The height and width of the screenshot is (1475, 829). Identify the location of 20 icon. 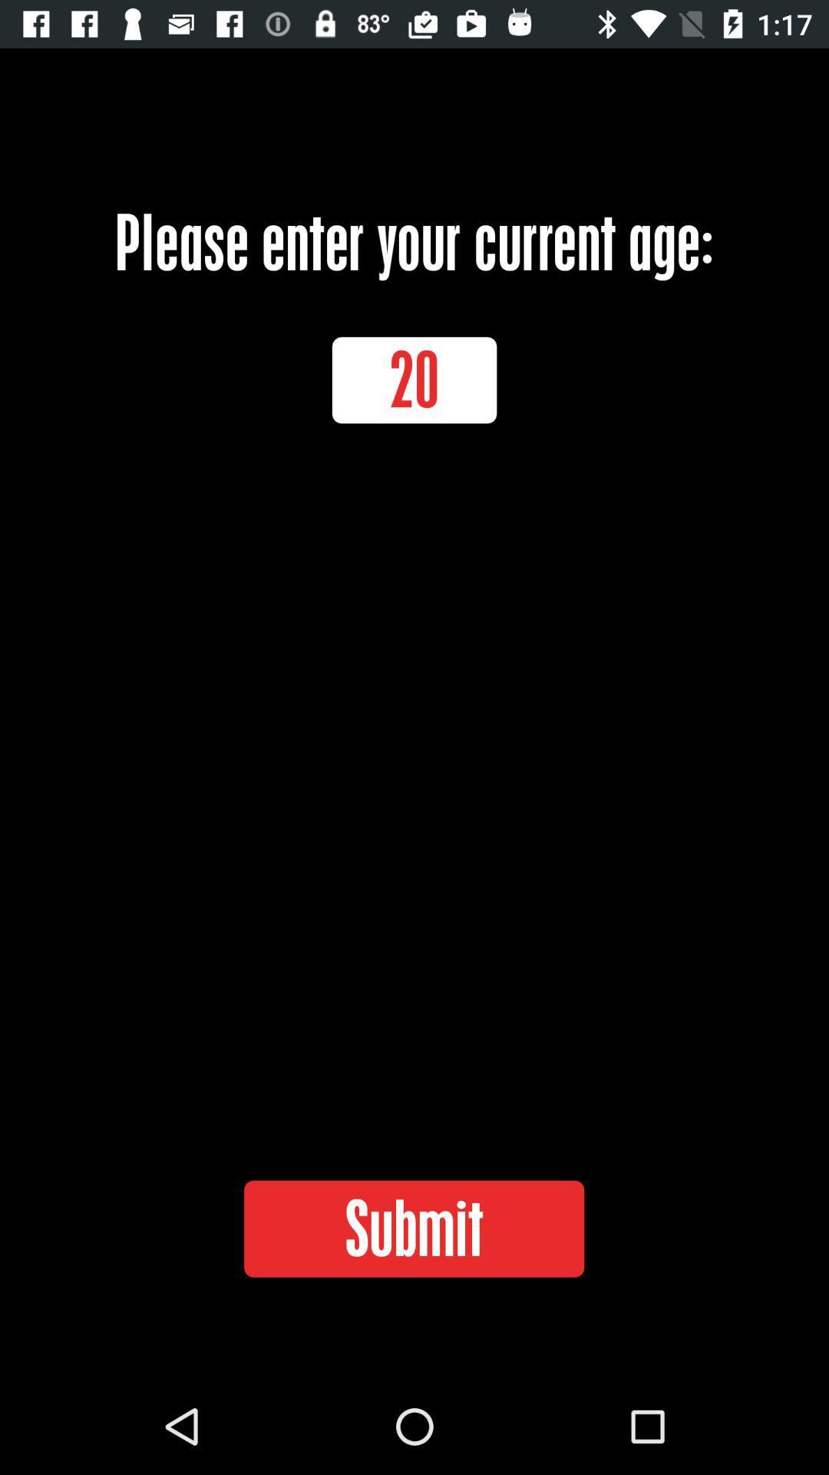
(414, 380).